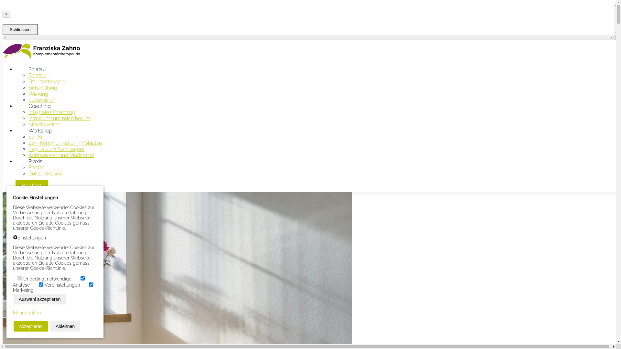 The height and width of the screenshot is (349, 621). I want to click on 'Kontakt', so click(31, 185).